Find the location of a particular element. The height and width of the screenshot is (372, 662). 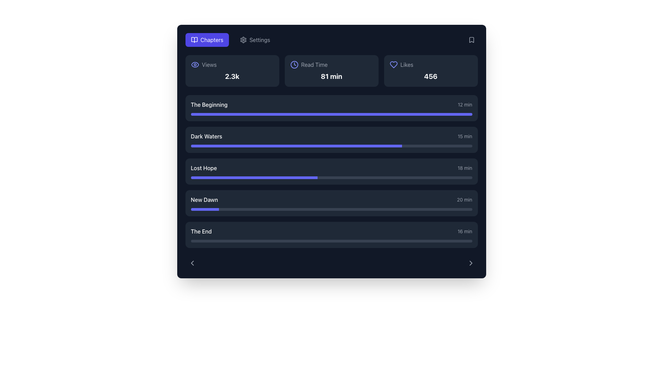

the indigo eye-shaped icon that represents visibility, located near the text 'Views' is located at coordinates (194, 65).